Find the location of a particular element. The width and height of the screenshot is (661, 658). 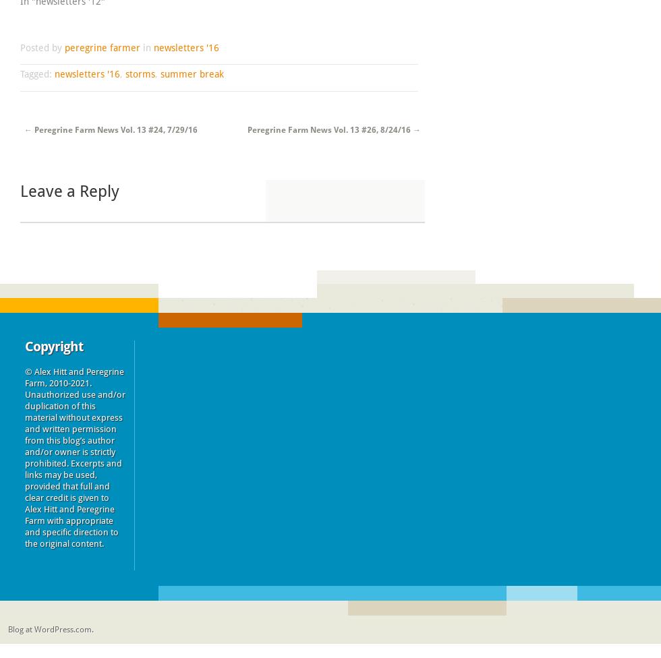

'summer break' is located at coordinates (192, 73).